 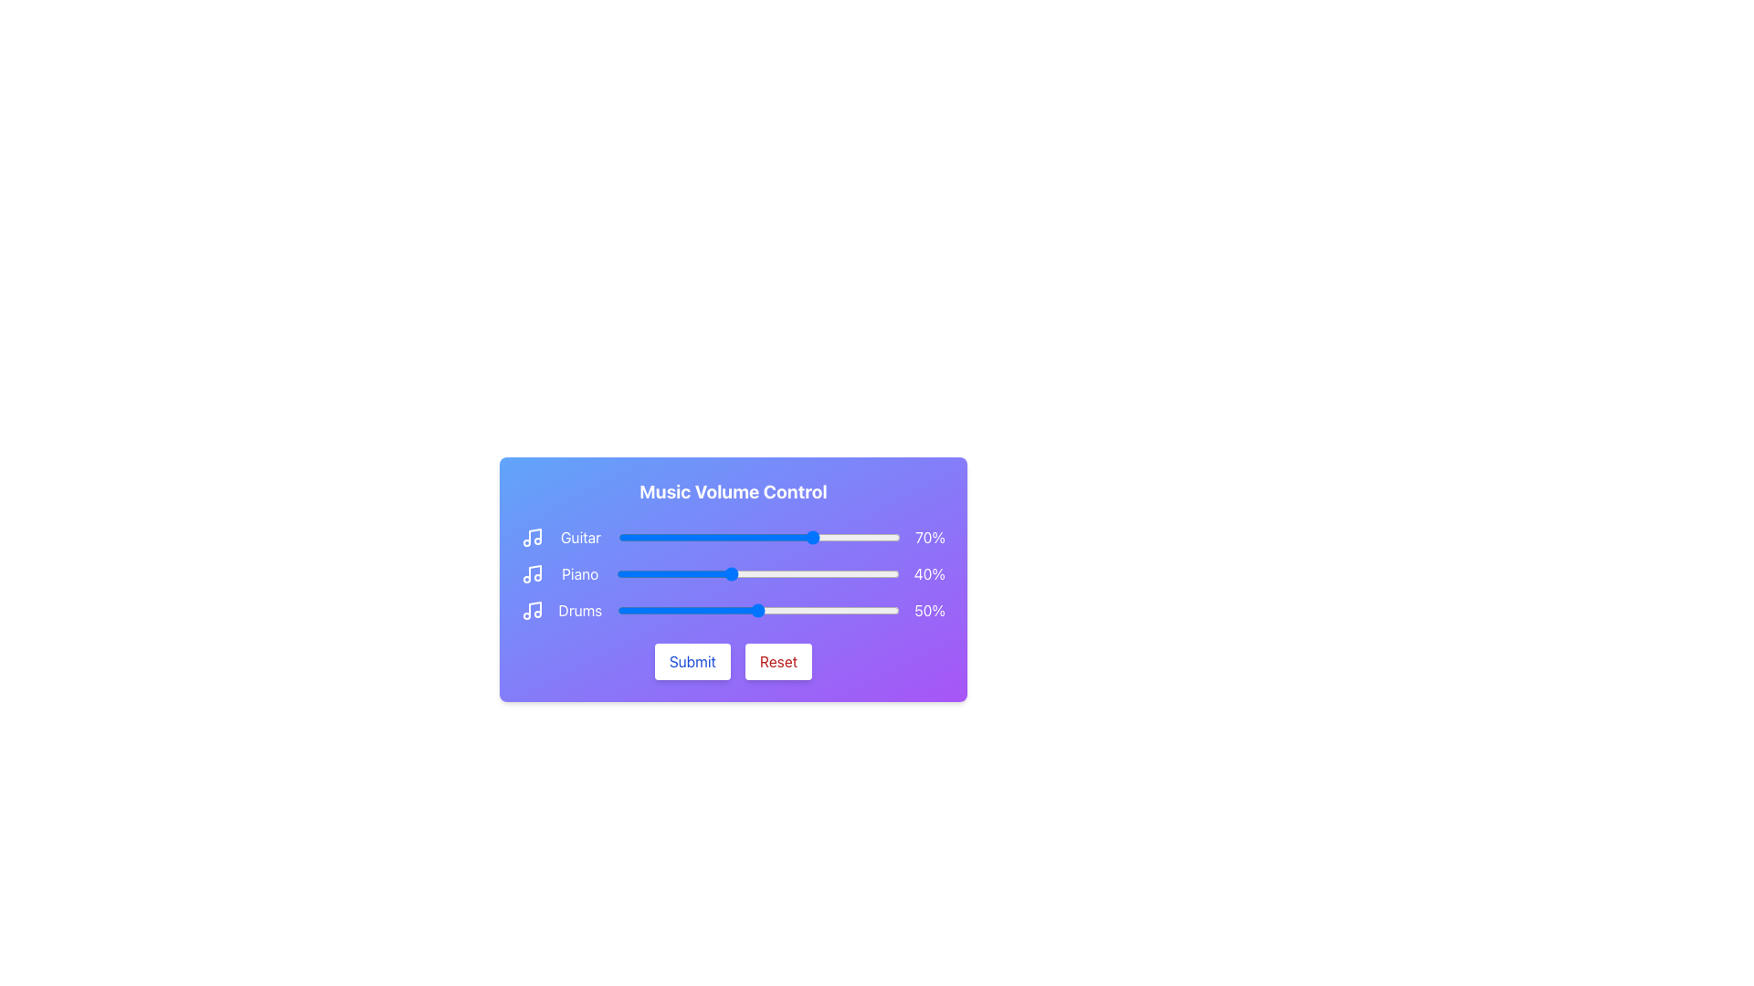 What do you see at coordinates (803, 572) in the screenshot?
I see `the Piano slider` at bounding box center [803, 572].